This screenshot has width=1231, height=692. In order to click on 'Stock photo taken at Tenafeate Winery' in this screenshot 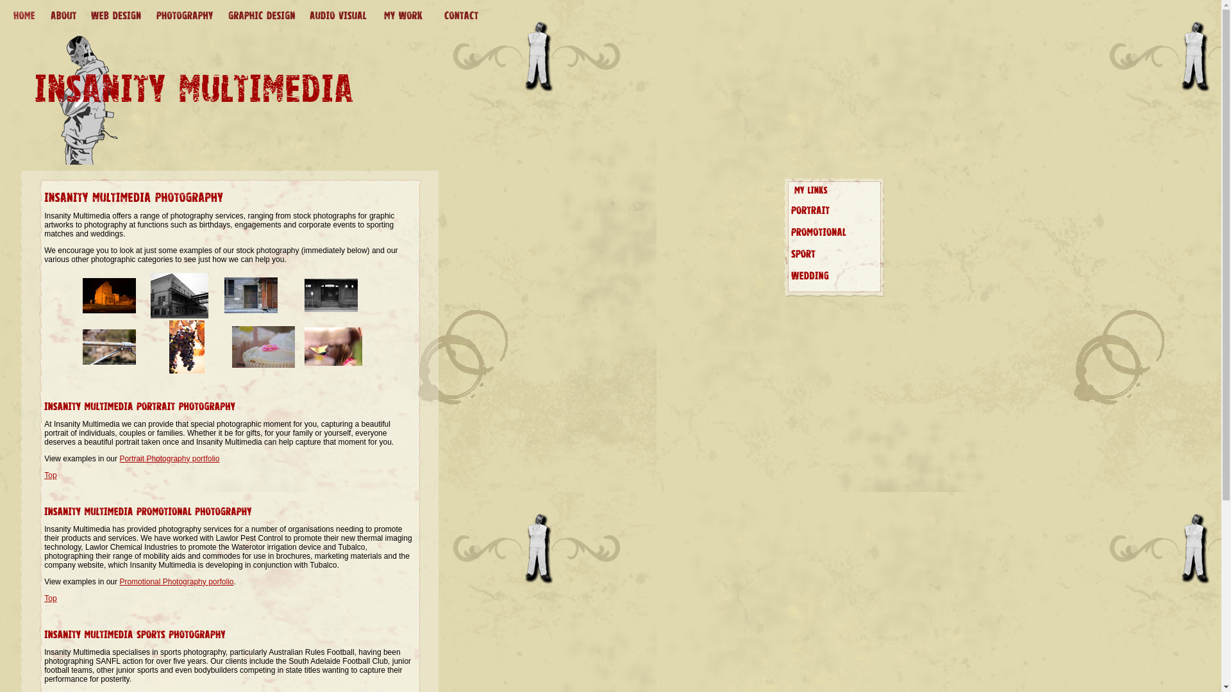, I will do `click(231, 365)`.